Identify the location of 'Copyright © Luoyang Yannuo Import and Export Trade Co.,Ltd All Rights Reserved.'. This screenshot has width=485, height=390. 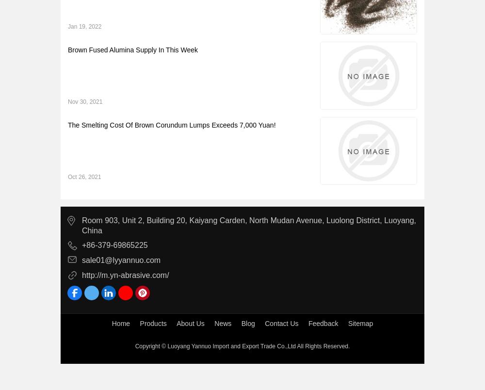
(242, 345).